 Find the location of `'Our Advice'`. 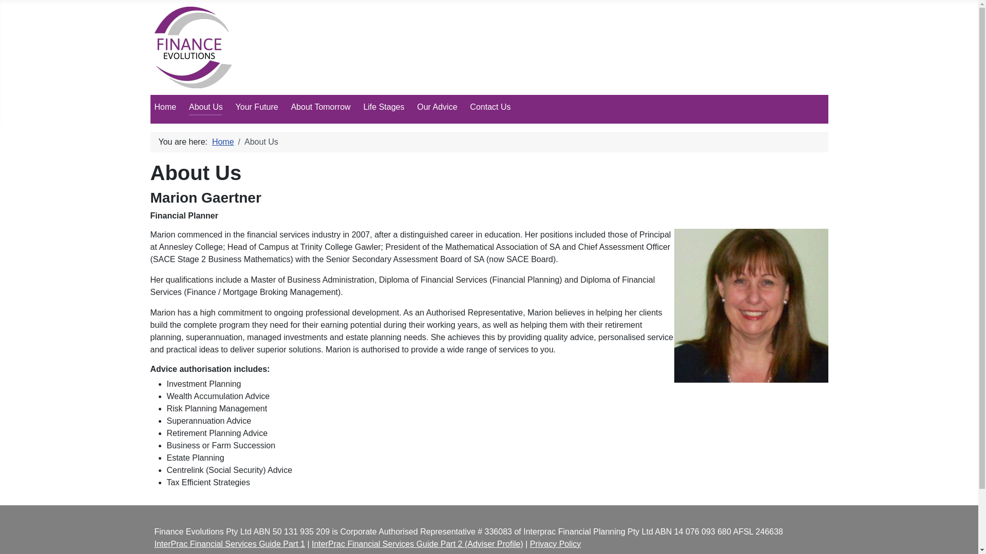

'Our Advice' is located at coordinates (416, 107).